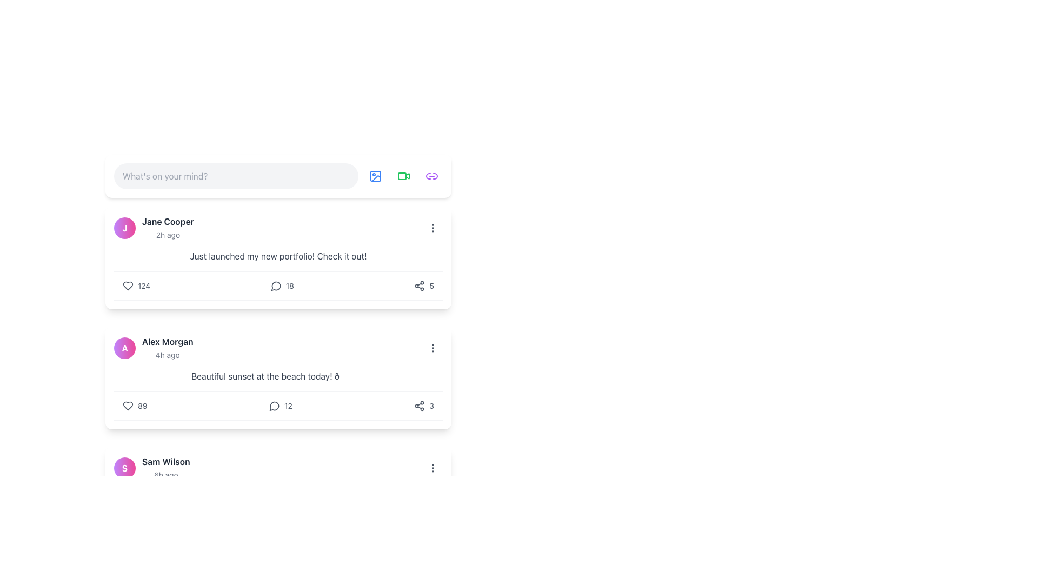 This screenshot has height=584, width=1038. I want to click on the circular button with a blue outline icon of an image featuring a mountain and sun pattern, located at the end of the input field labeled 'What's on your mind?', so click(376, 176).